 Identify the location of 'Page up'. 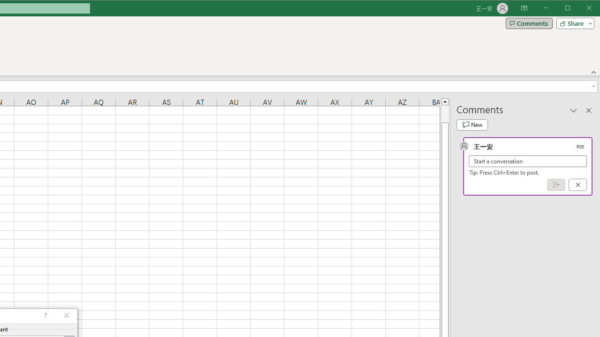
(444, 113).